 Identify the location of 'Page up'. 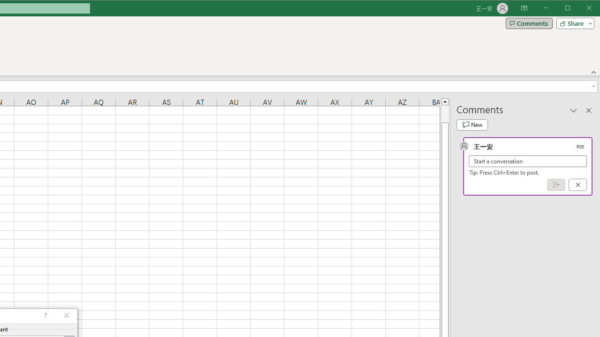
(444, 113).